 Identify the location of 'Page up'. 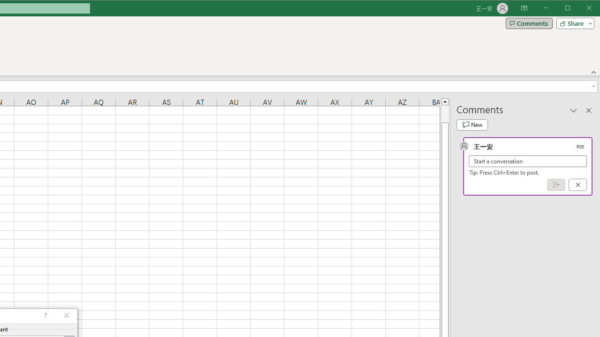
(444, 113).